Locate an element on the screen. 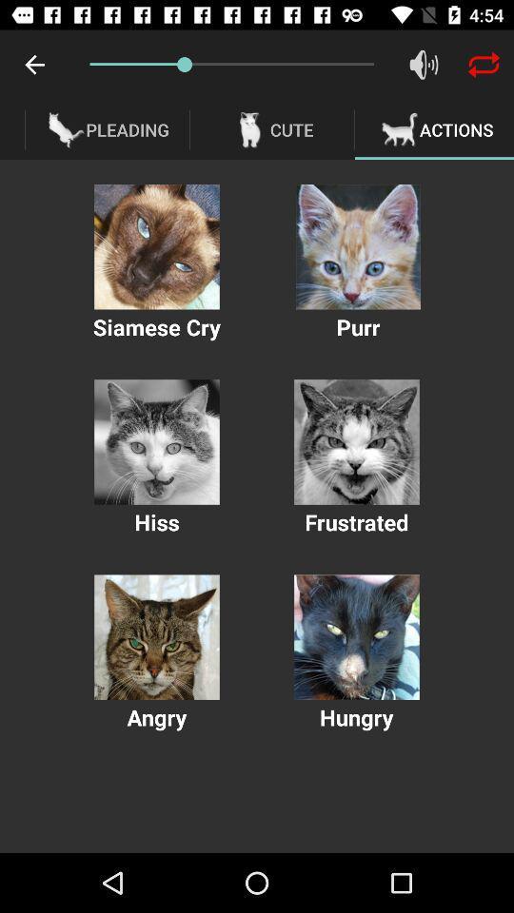 The width and height of the screenshot is (514, 913). audio volume is located at coordinates (424, 65).